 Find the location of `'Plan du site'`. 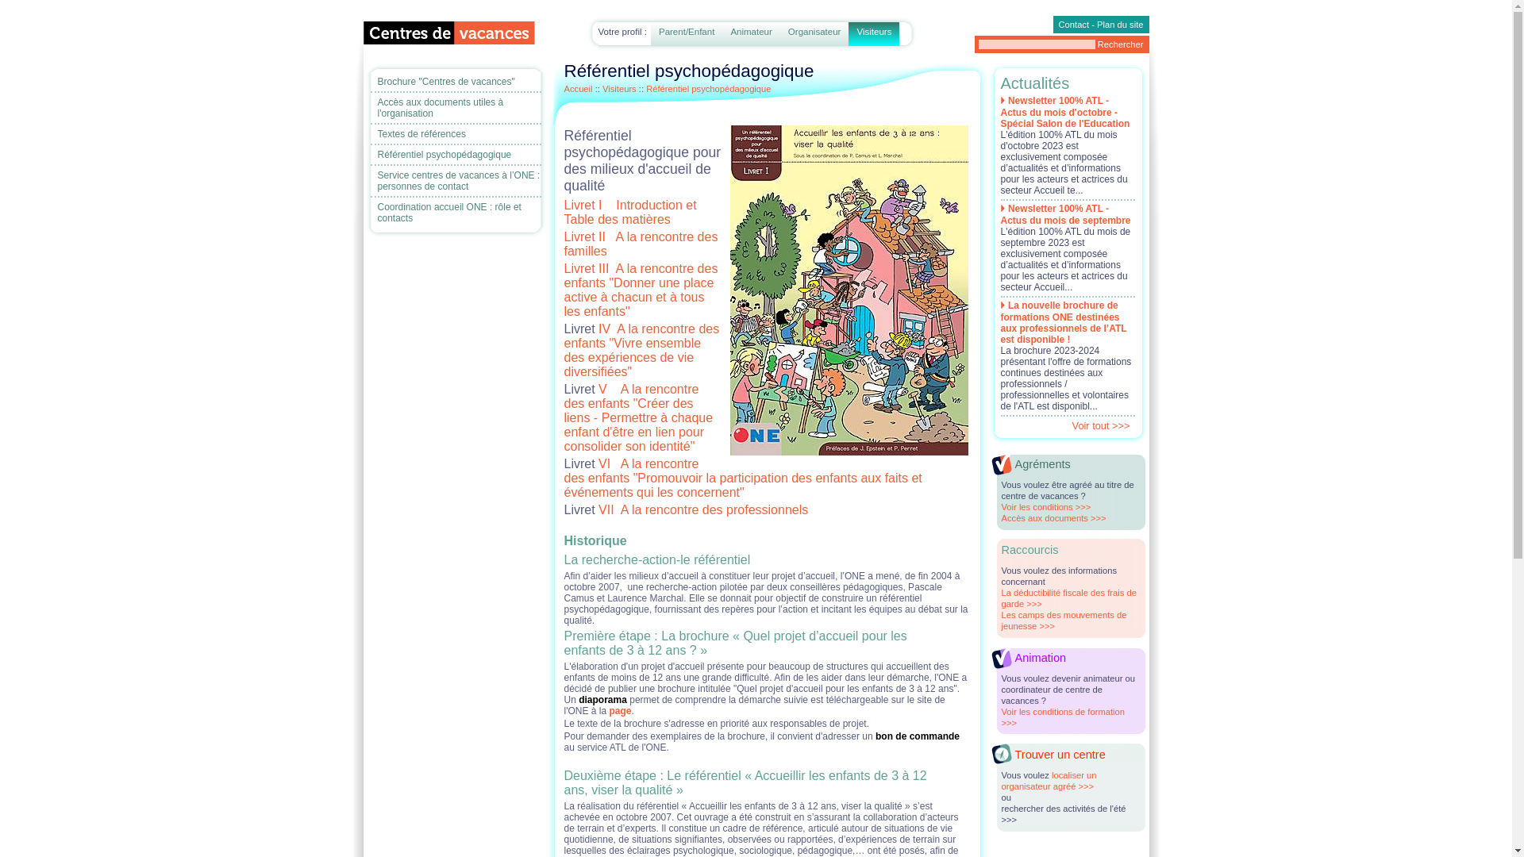

'Plan du site' is located at coordinates (1119, 24).